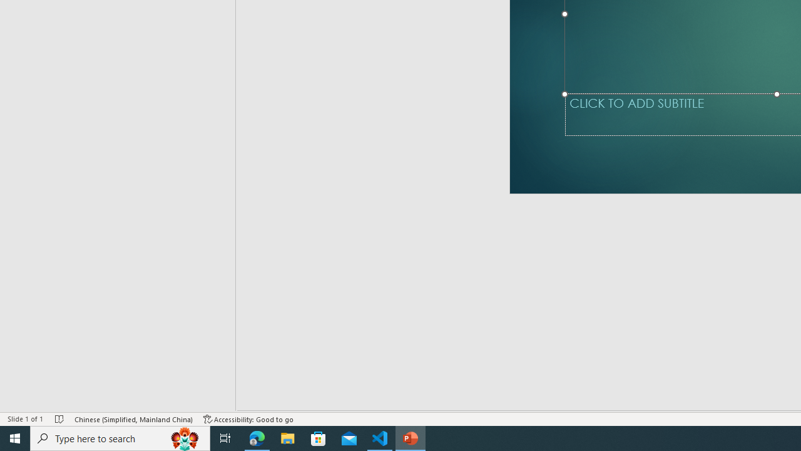  I want to click on 'Language English (United States)', so click(140, 401).